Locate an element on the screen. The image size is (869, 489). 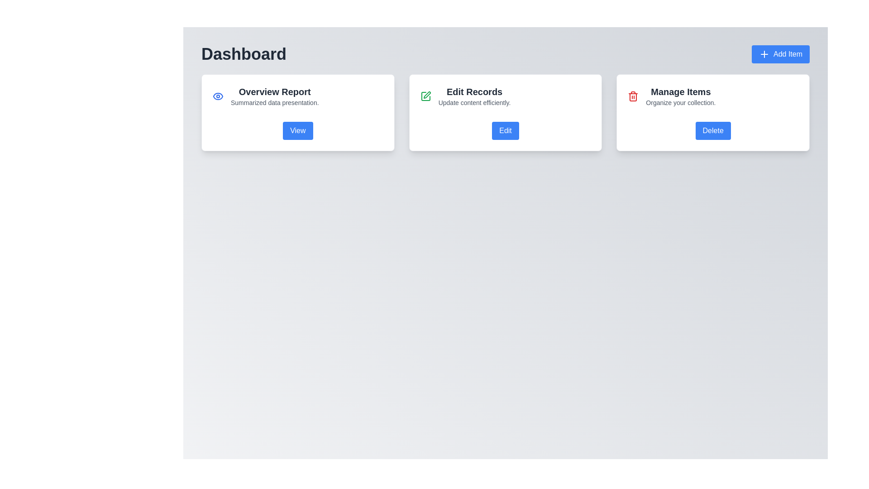
the text label displaying 'Update content efficiently.' which is located below the 'Edit Records' title and above the 'Edit' button is located at coordinates (474, 102).